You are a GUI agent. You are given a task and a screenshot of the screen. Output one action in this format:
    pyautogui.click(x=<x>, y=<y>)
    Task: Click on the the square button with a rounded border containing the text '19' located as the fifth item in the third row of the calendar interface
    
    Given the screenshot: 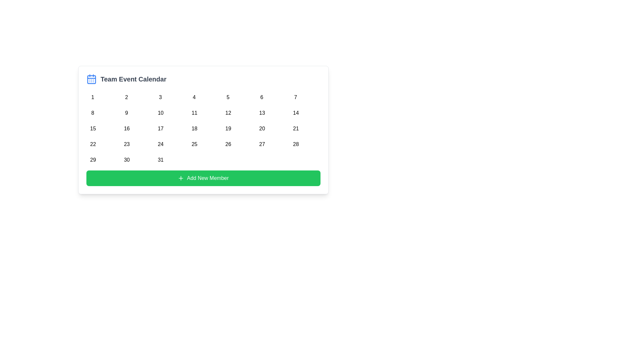 What is the action you would take?
    pyautogui.click(x=228, y=127)
    